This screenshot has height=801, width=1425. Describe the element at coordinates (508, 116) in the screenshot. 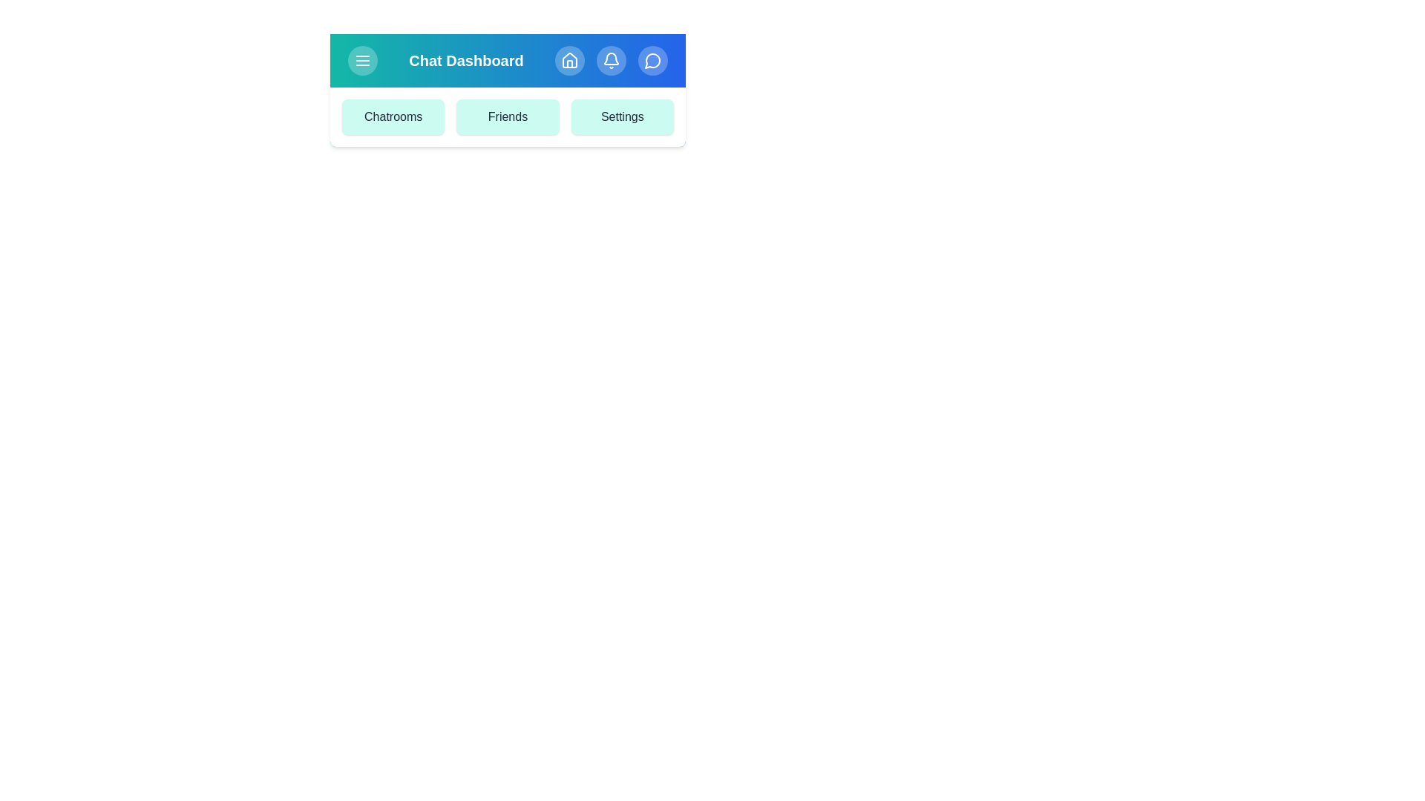

I see `the menu item Friends` at that location.